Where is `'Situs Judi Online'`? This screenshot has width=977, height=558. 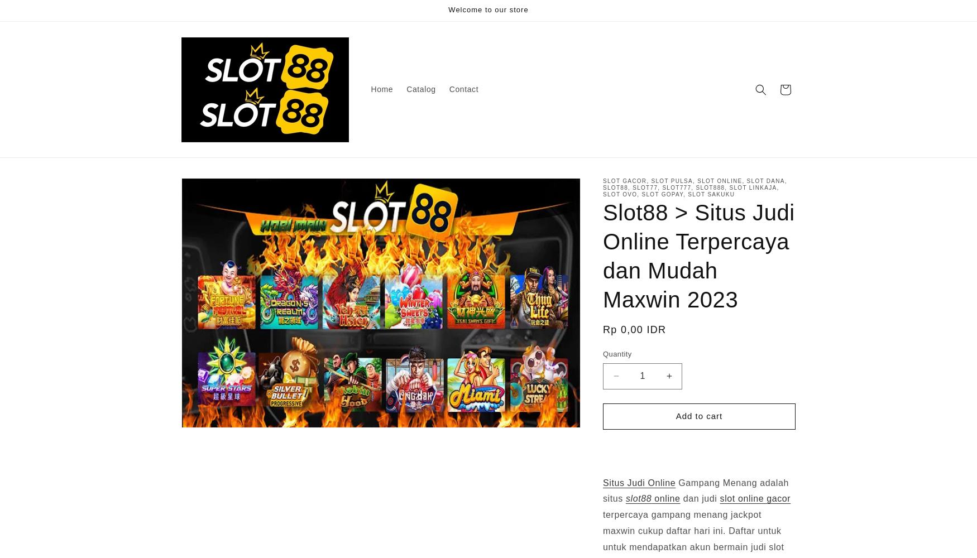 'Situs Judi Online' is located at coordinates (639, 482).